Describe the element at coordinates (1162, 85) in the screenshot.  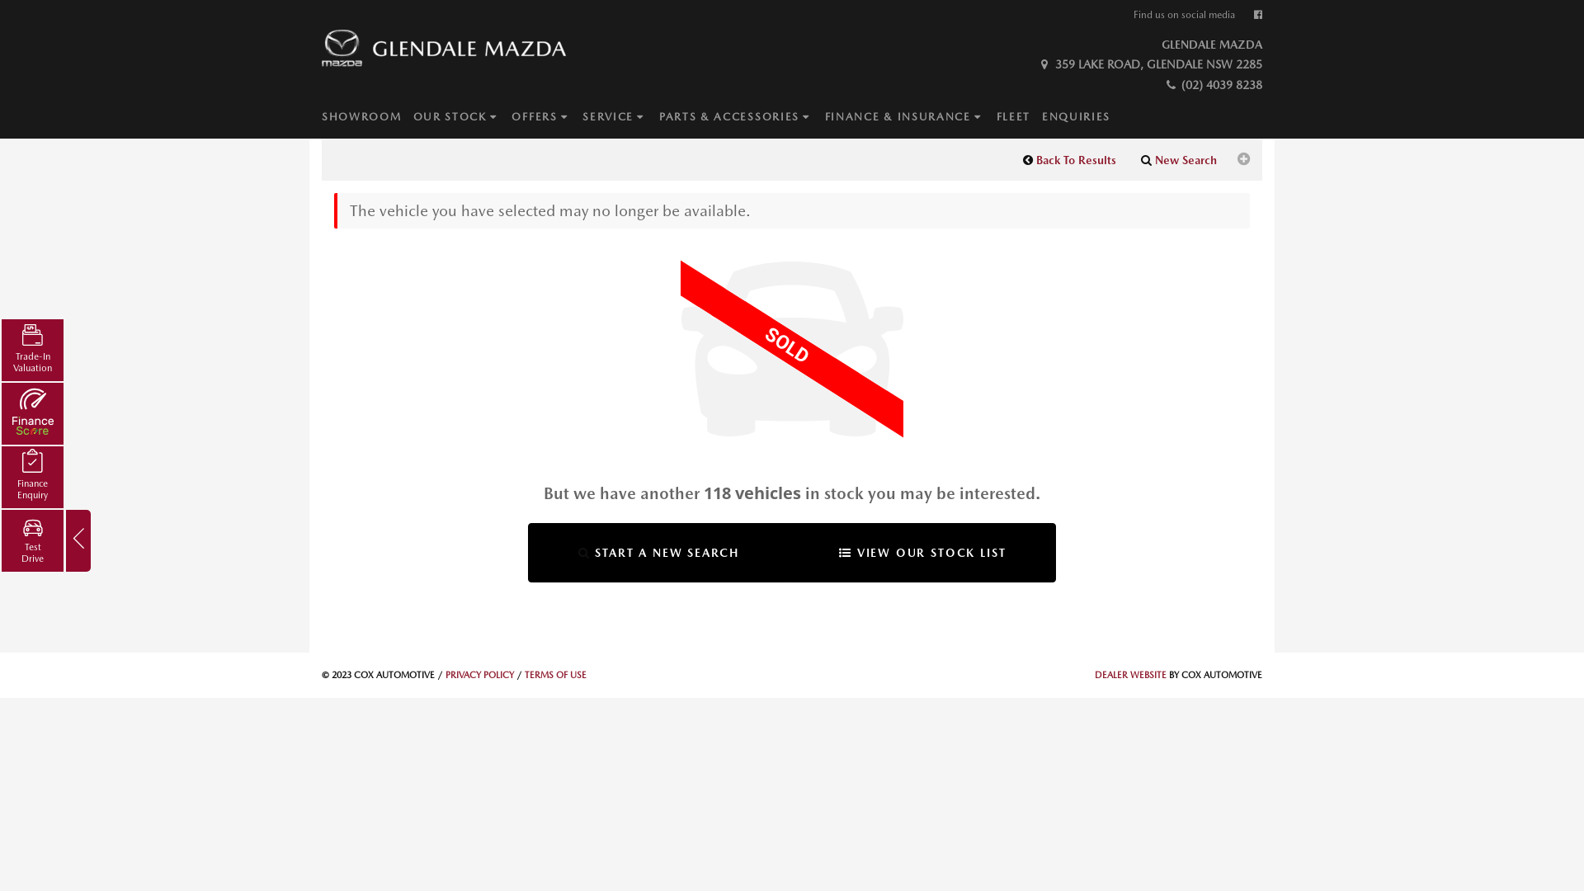
I see `'(02) 4039 8238'` at that location.